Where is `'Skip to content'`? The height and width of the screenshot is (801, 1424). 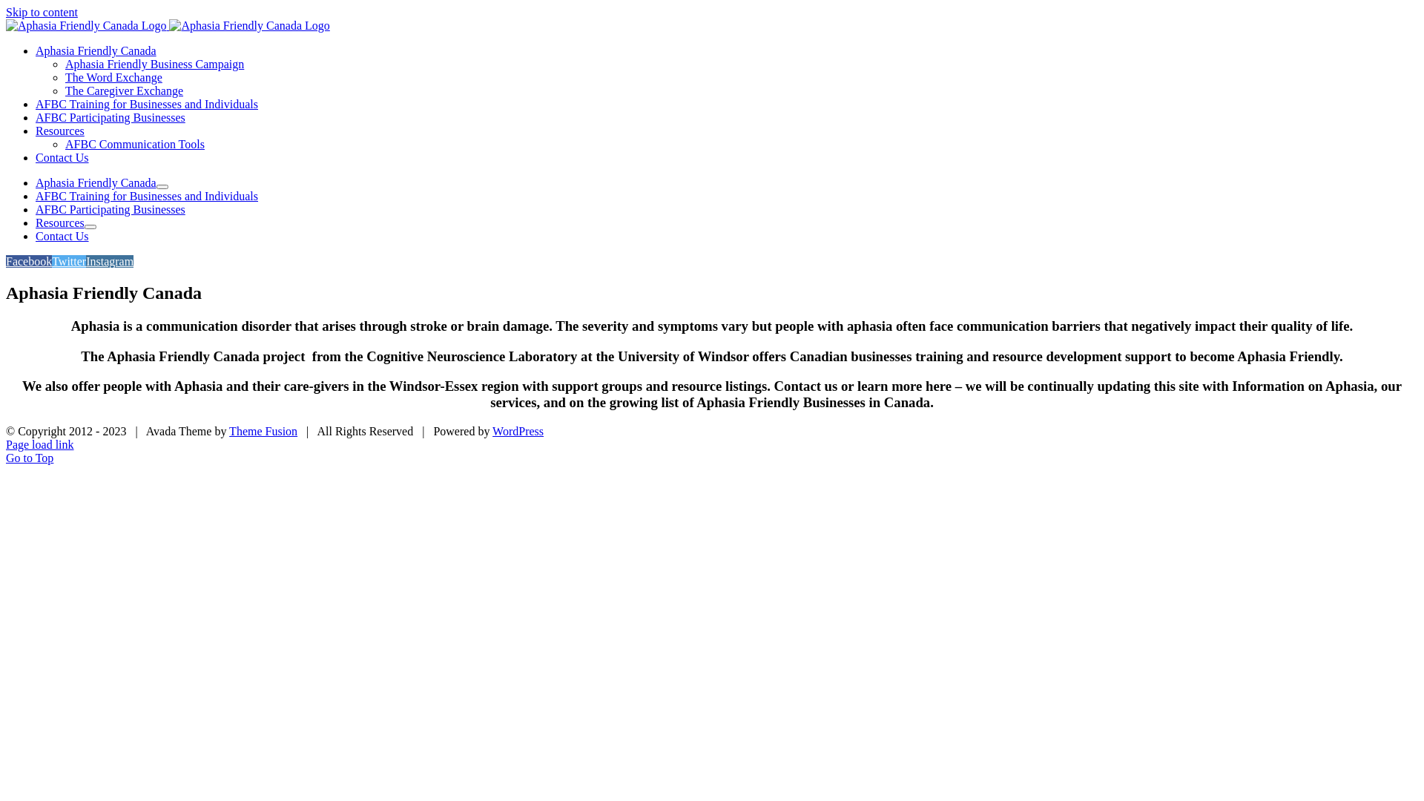
'Skip to content' is located at coordinates (42, 12).